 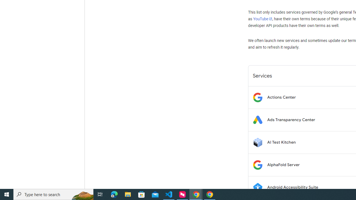 I want to click on 'Logo for AI Test Kitchen', so click(x=257, y=142).